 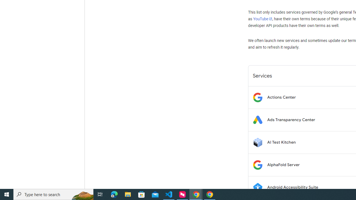 I want to click on 'Logo for AI Test Kitchen', so click(x=257, y=142).